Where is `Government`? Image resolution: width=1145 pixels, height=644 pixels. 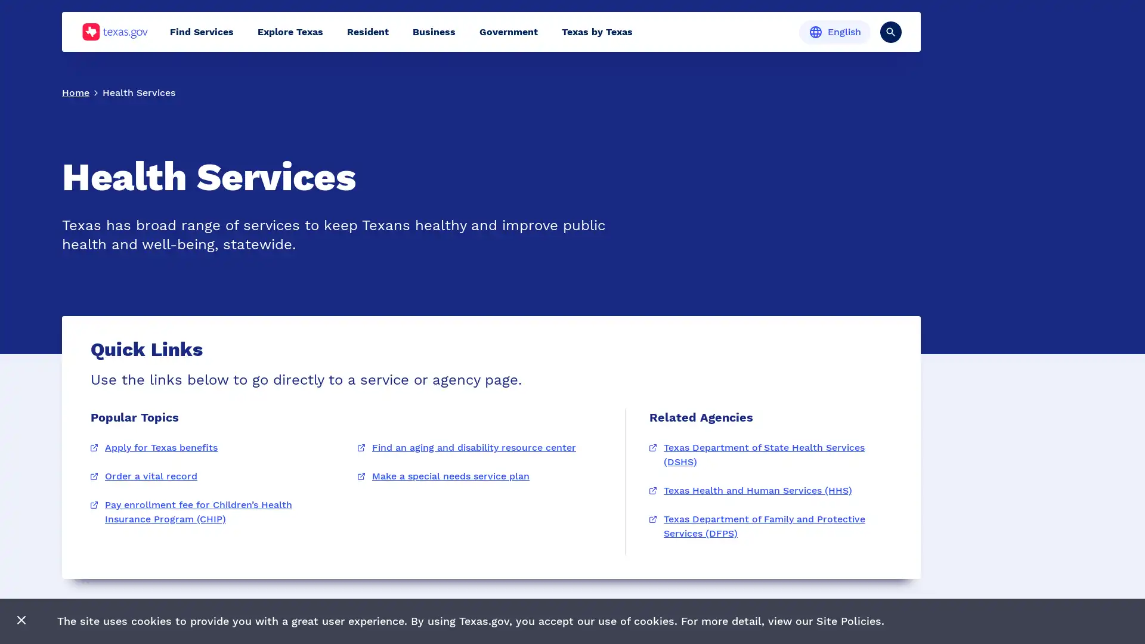 Government is located at coordinates (509, 31).